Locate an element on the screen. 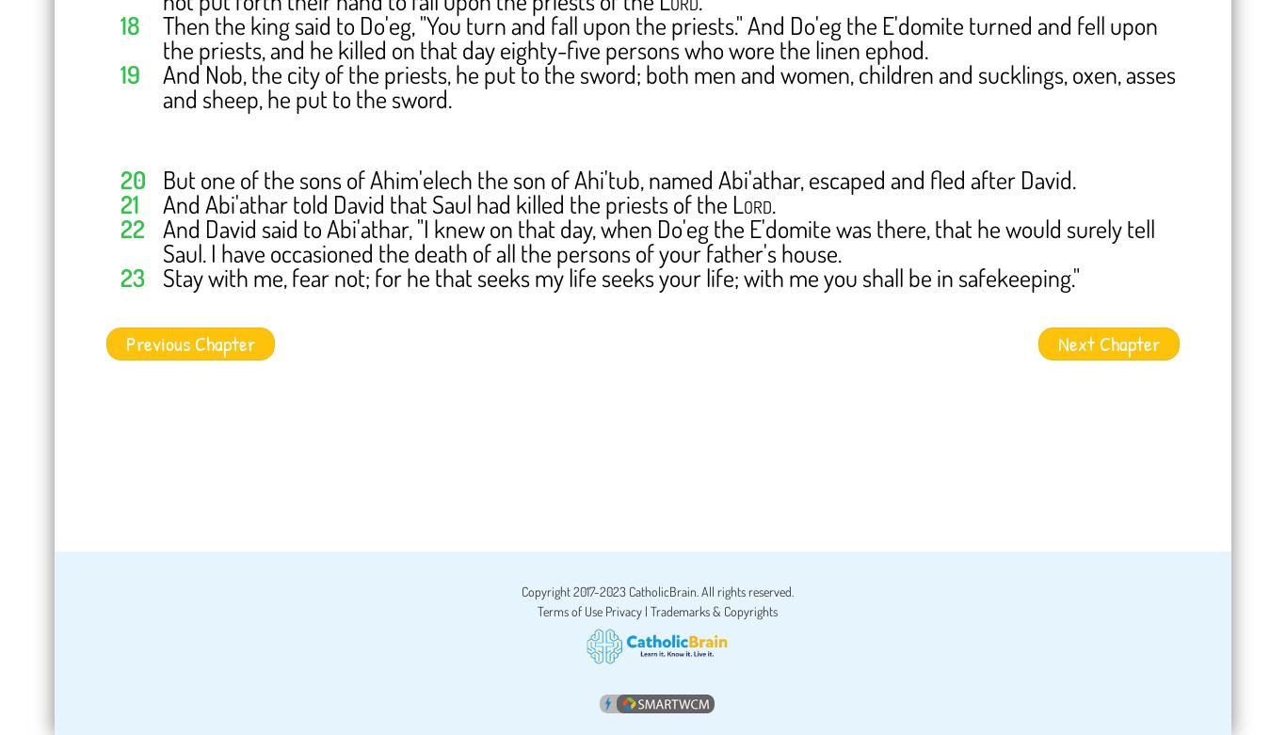  'But one of the sons of Ahim'elech the son of Ahi'tub, named Abi'athar, escaped and fled after David.' is located at coordinates (619, 178).